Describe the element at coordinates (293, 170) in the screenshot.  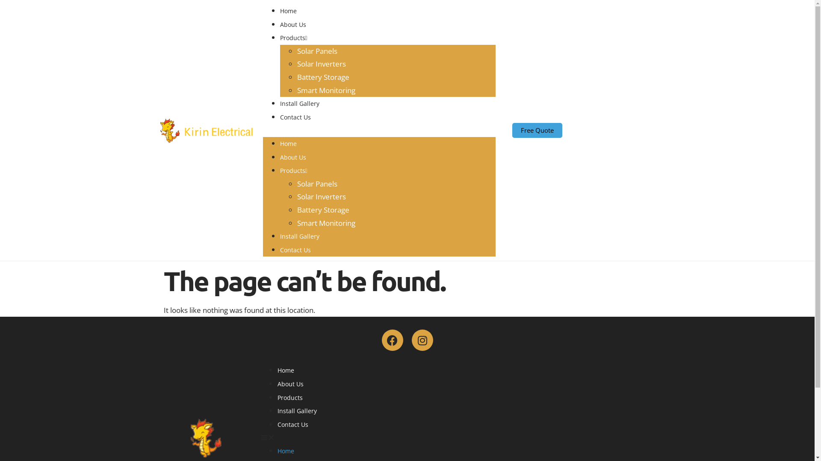
I see `'Products'` at that location.